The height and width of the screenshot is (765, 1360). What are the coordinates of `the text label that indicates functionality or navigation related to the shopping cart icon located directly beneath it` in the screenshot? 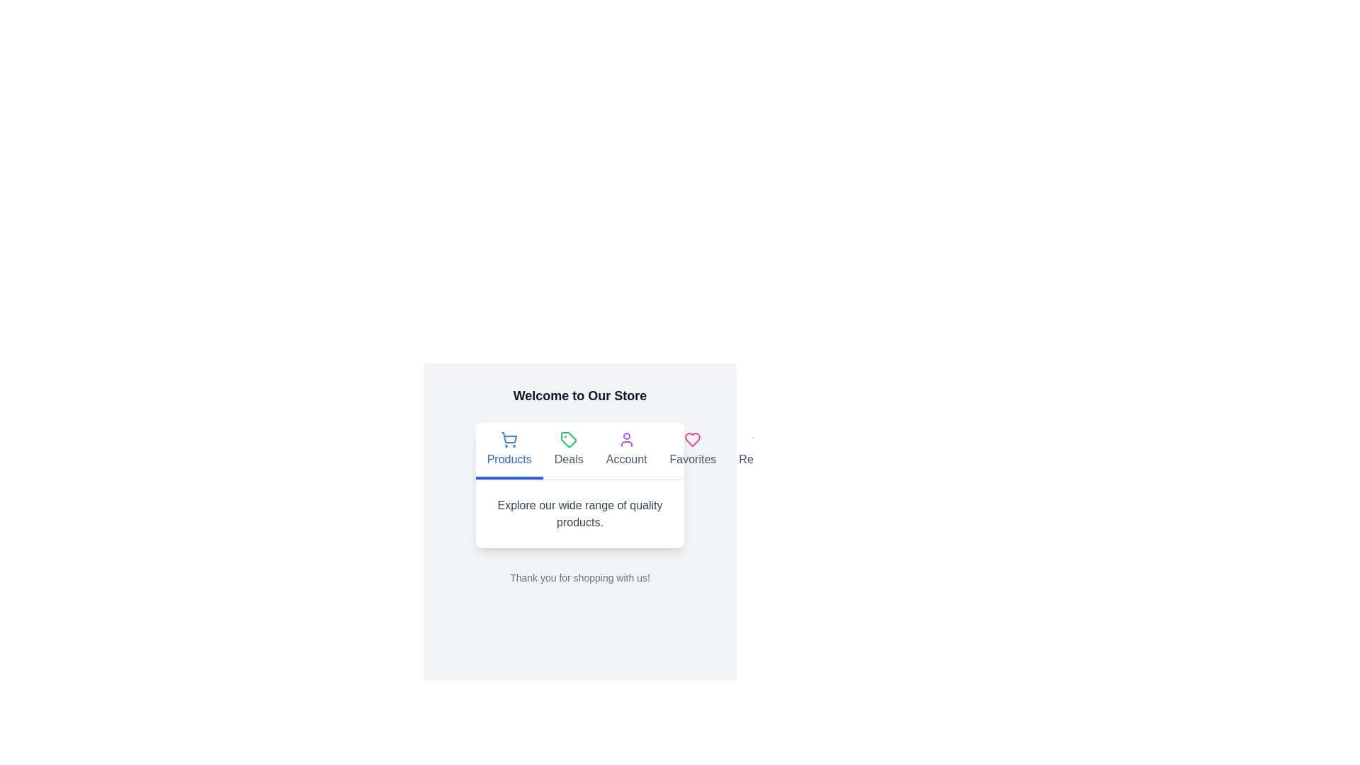 It's located at (509, 459).